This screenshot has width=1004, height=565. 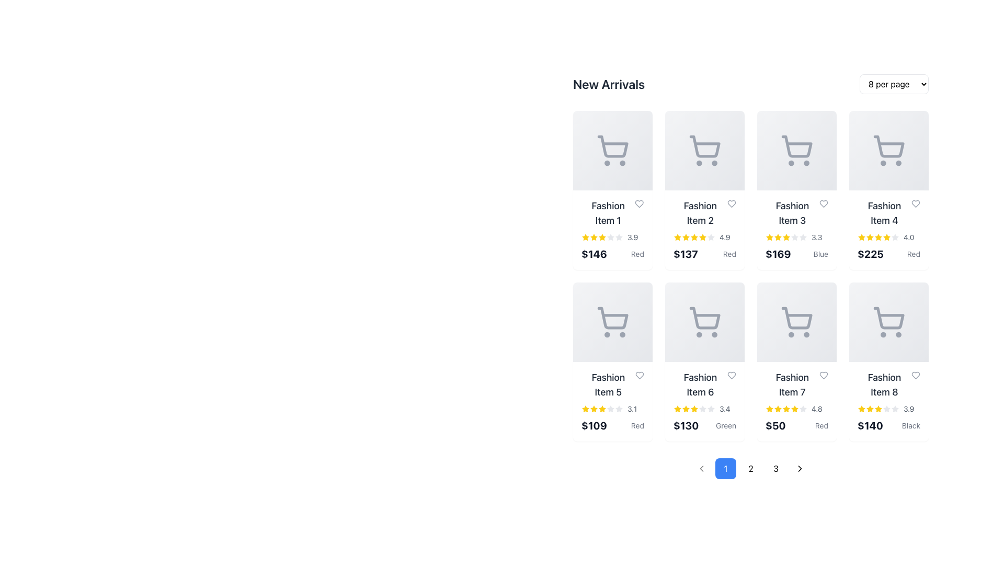 What do you see at coordinates (711, 238) in the screenshot?
I see `the fifth star-shaped rating icon for 'Fashion Item 2', which is styled with a light gray fill and is inactive in the rating system` at bounding box center [711, 238].